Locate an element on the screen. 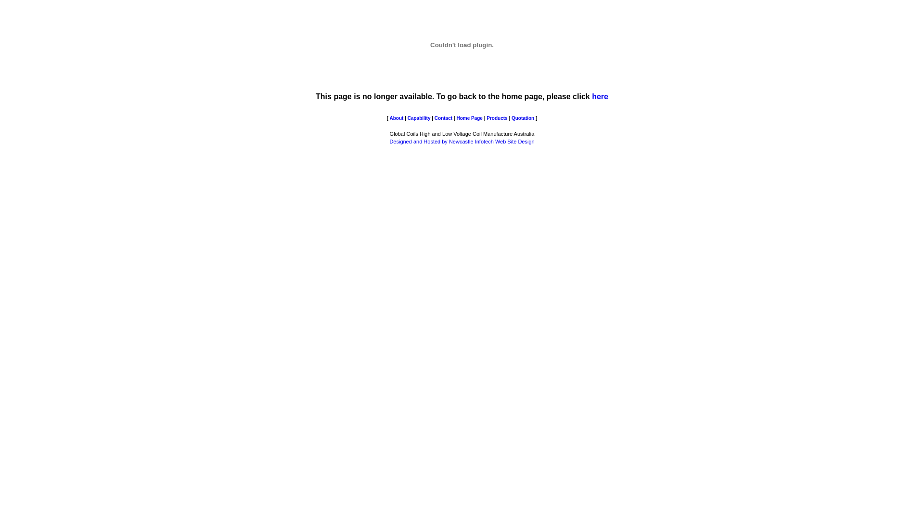 The image size is (924, 520). 'Contact' is located at coordinates (443, 117).